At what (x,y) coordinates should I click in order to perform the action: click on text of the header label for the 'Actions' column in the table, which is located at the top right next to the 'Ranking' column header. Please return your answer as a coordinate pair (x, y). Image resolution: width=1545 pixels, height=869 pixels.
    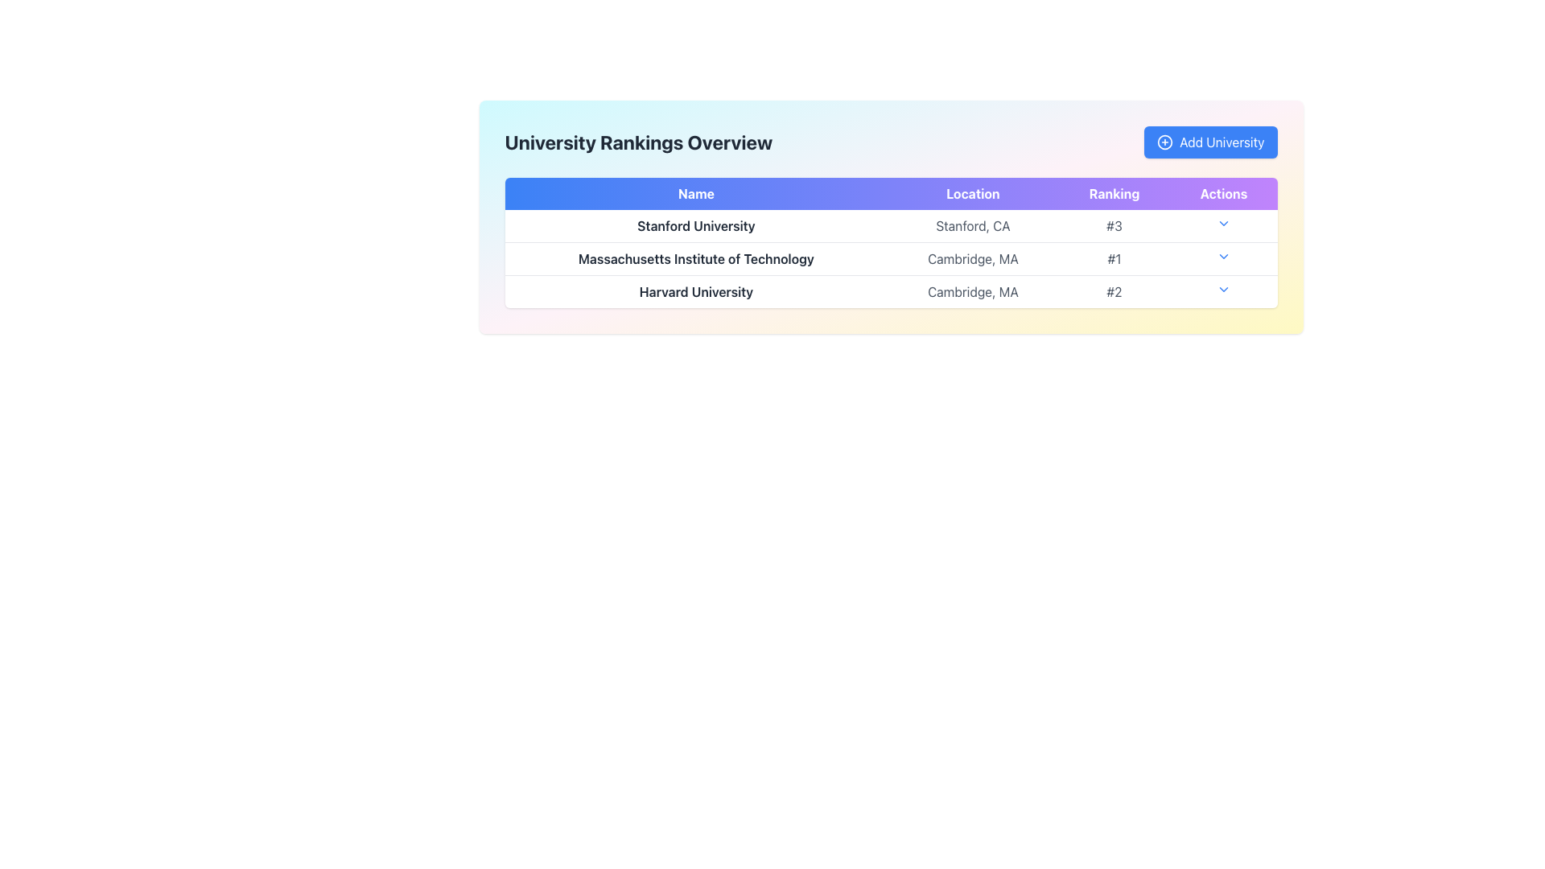
    Looking at the image, I should click on (1223, 192).